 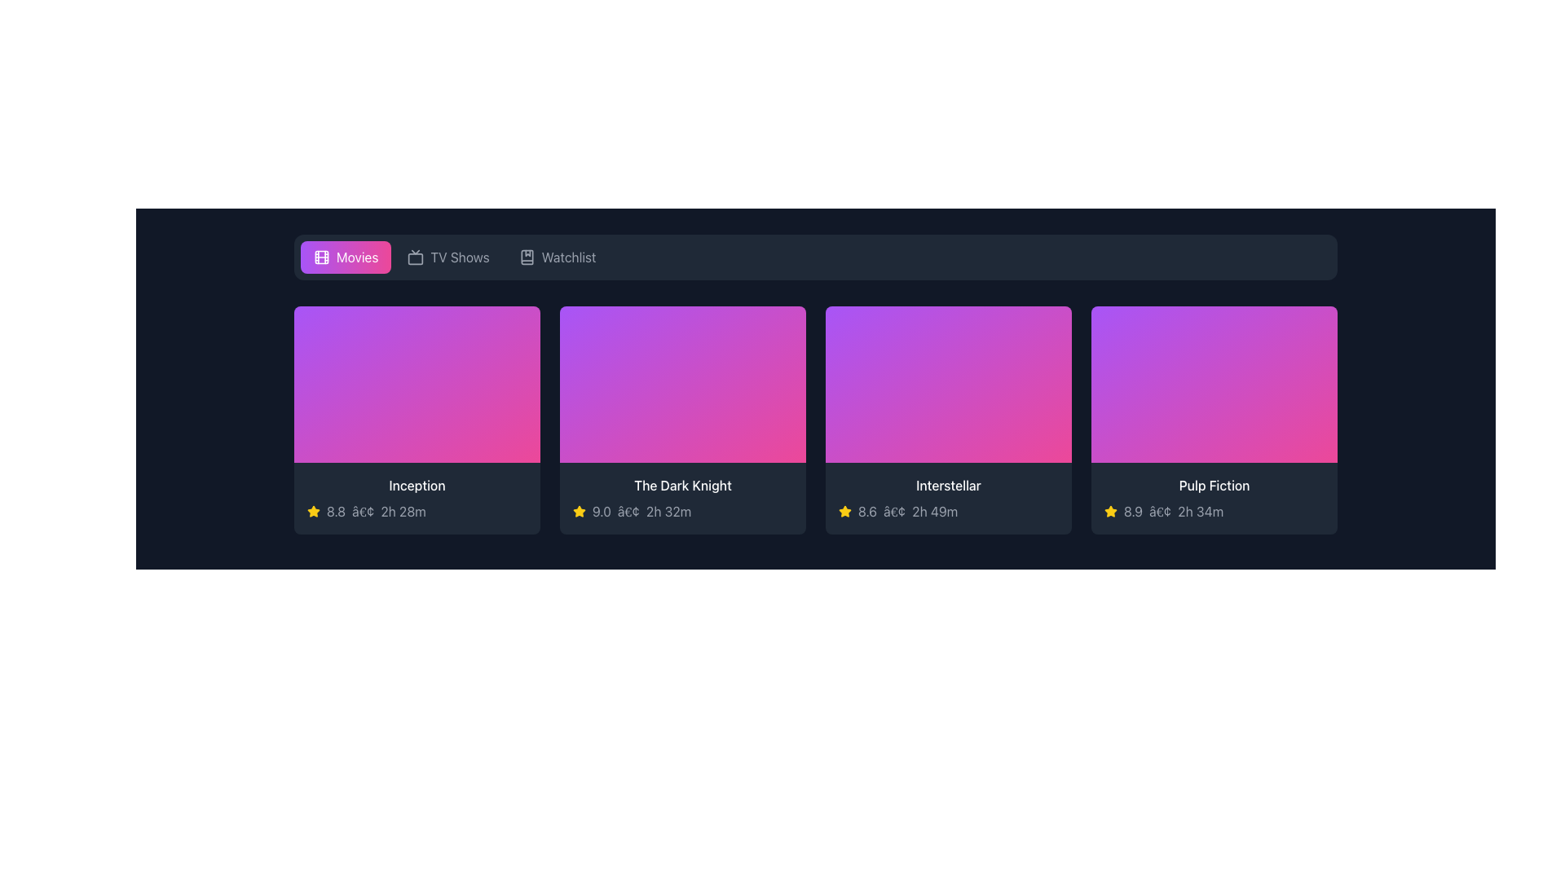 What do you see at coordinates (313, 511) in the screenshot?
I see `the star-shaped yellow rating icon located to the left of the text '8.8 â¢ 2h 28m' under the movie title 'Inception'` at bounding box center [313, 511].